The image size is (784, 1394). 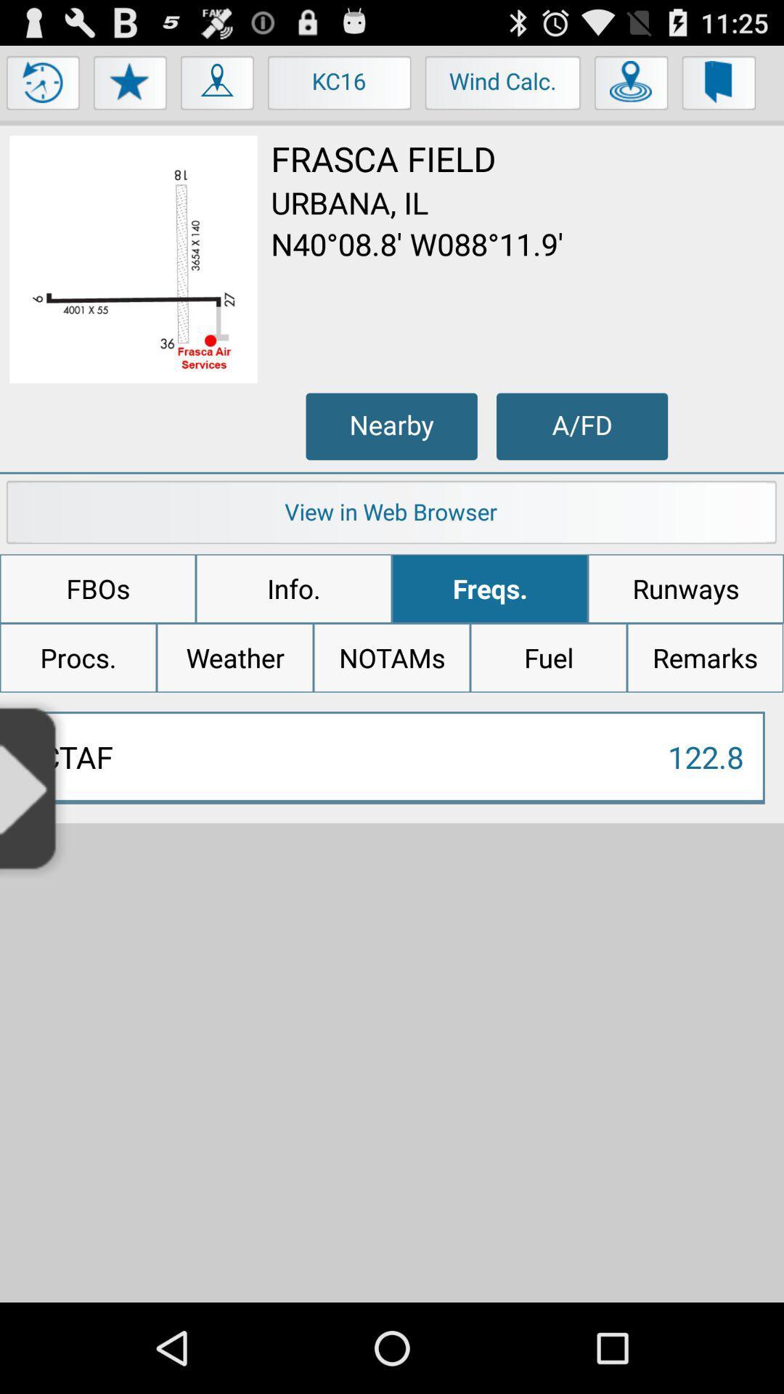 I want to click on the icon below n40 08 8 item, so click(x=391, y=425).